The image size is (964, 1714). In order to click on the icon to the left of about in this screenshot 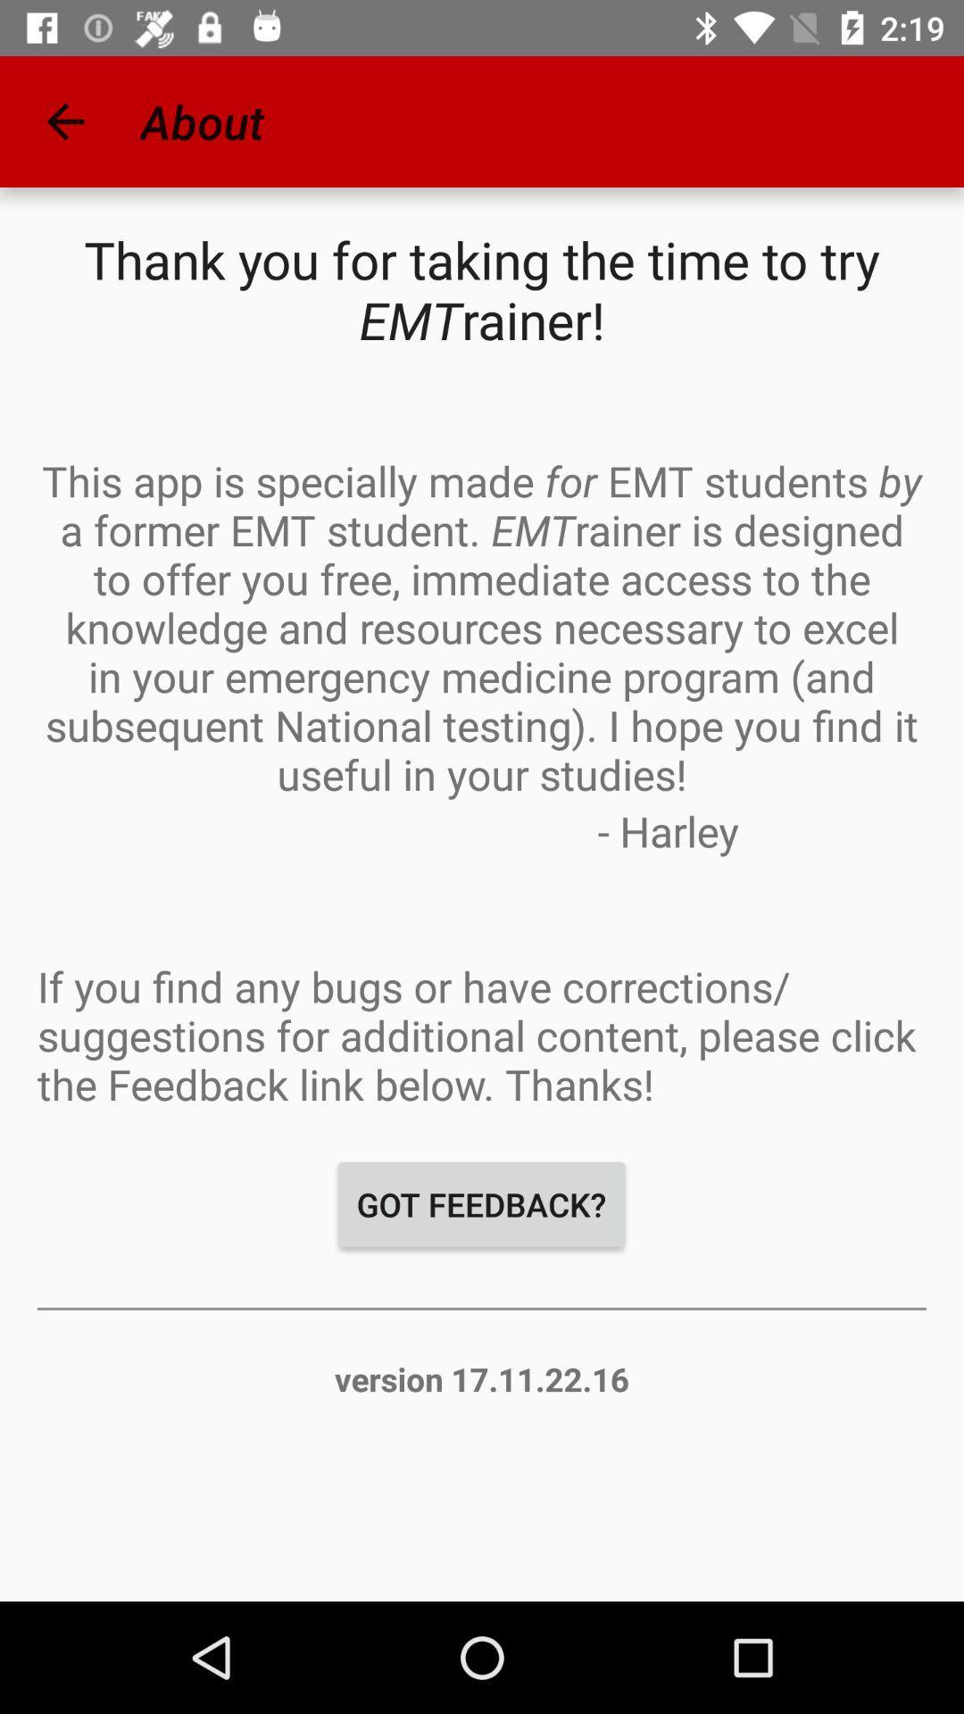, I will do `click(64, 121)`.